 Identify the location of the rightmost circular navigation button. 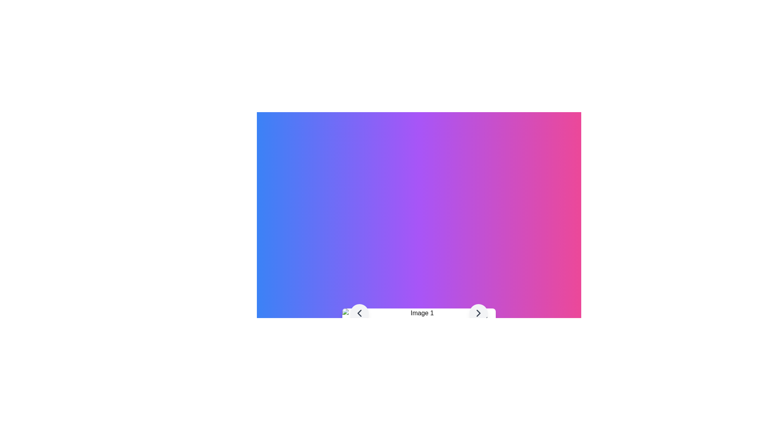
(479, 313).